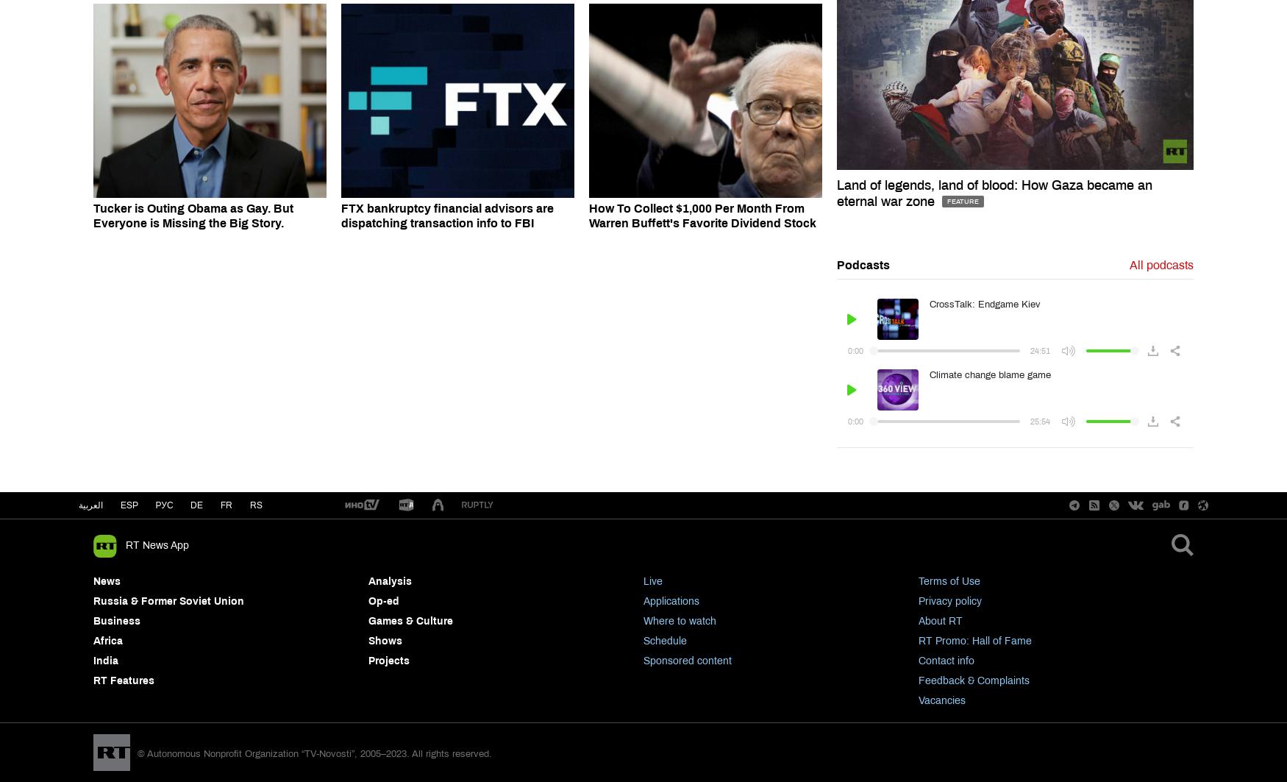 The height and width of the screenshot is (782, 1287). Describe the element at coordinates (643, 600) in the screenshot. I see `'Applications'` at that location.